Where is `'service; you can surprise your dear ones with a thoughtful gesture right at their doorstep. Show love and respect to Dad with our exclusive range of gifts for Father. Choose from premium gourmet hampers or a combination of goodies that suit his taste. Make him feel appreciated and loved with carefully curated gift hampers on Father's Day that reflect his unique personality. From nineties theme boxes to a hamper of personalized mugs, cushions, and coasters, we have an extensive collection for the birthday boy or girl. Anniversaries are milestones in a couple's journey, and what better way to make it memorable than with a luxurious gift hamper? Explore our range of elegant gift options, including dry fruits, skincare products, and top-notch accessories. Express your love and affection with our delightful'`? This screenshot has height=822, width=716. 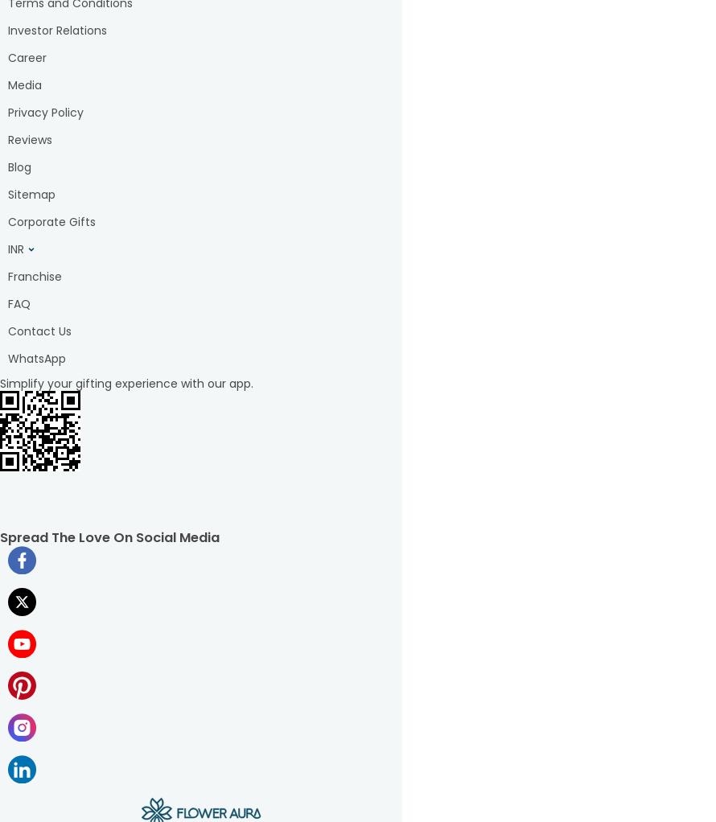 'service; you can surprise your dear ones with a thoughtful gesture right at their doorstep. Show love and respect to Dad with our exclusive range of gifts for Father. Choose from premium gourmet hampers or a combination of goodies that suit his taste. Make him feel appreciated and loved with carefully curated gift hampers on Father's Day that reflect his unique personality. From nineties theme boxes to a hamper of personalized mugs, cushions, and coasters, we have an extensive collection for the birthday boy or girl. Anniversaries are milestones in a couple's journey, and what better way to make it memorable than with a luxurious gift hamper? Explore our range of elegant gift options, including dry fruits, skincare products, and top-notch accessories. Express your love and affection with our delightful' is located at coordinates (200, 166).